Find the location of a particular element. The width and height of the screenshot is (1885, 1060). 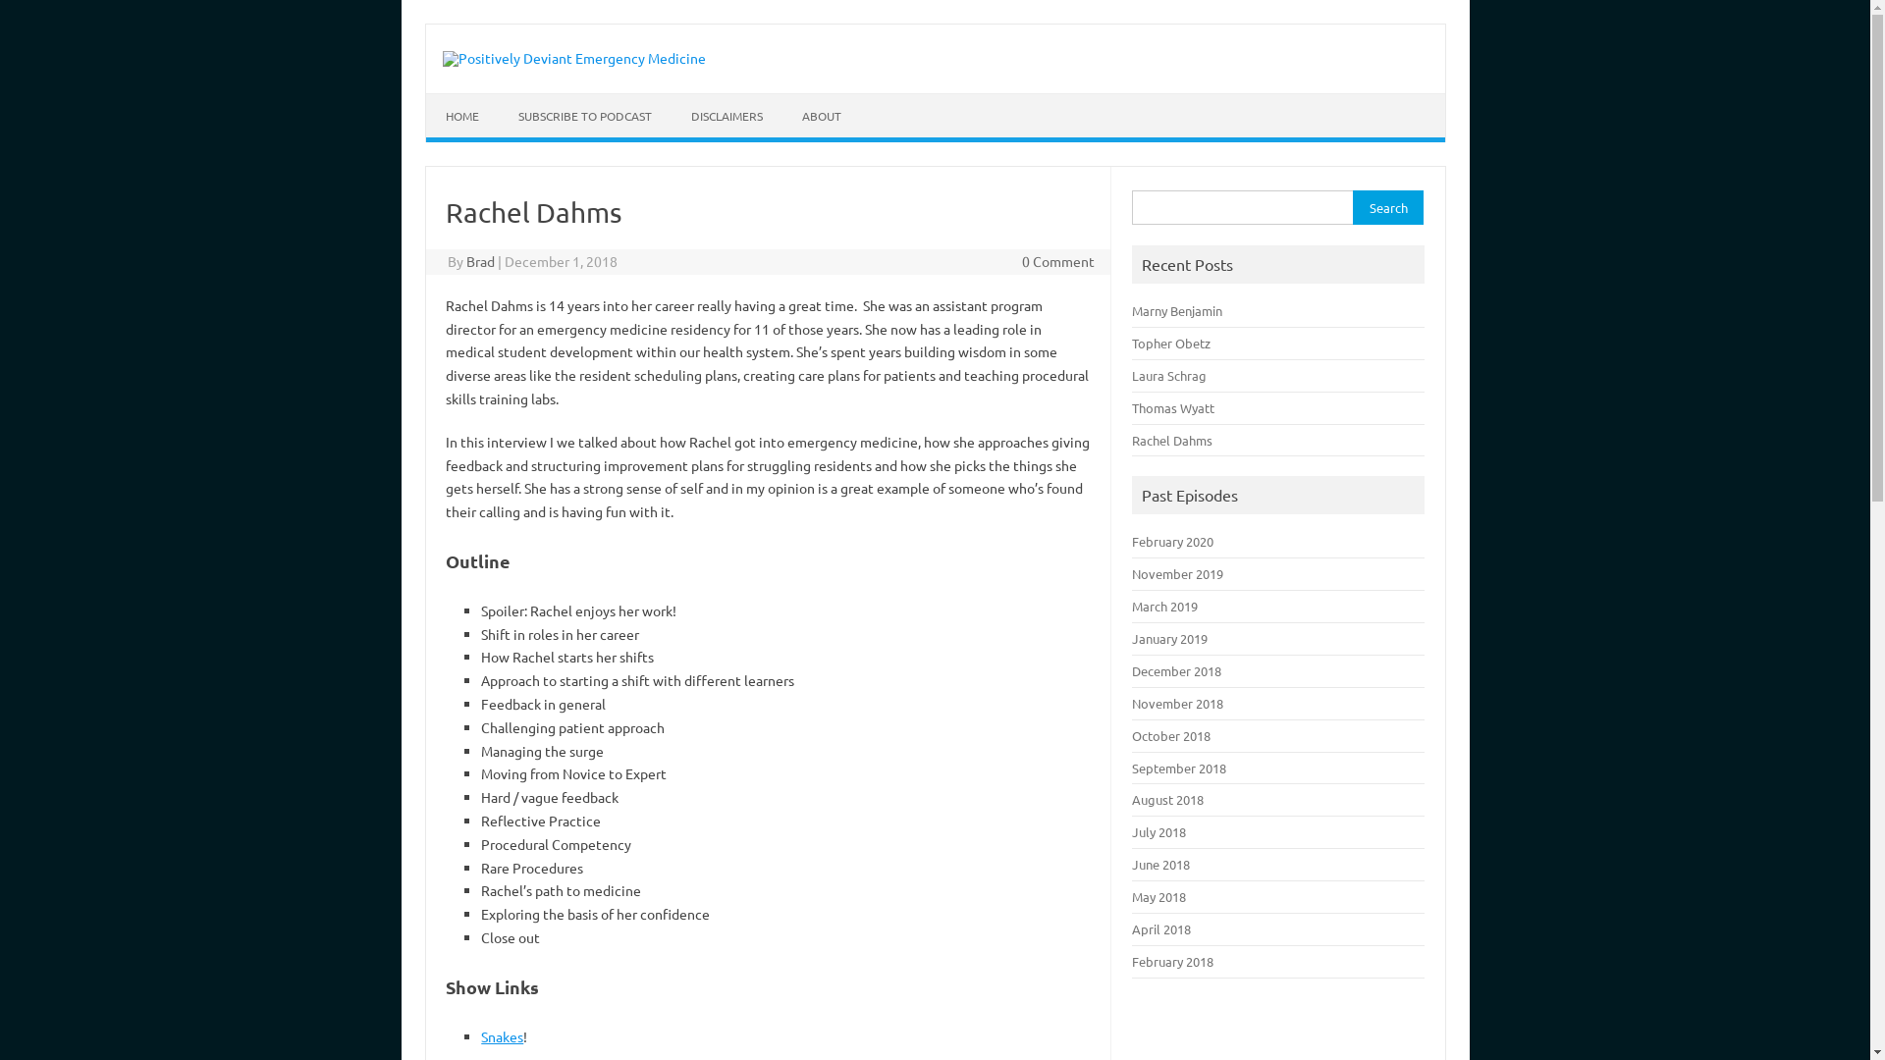

'September 2018' is located at coordinates (1178, 767).